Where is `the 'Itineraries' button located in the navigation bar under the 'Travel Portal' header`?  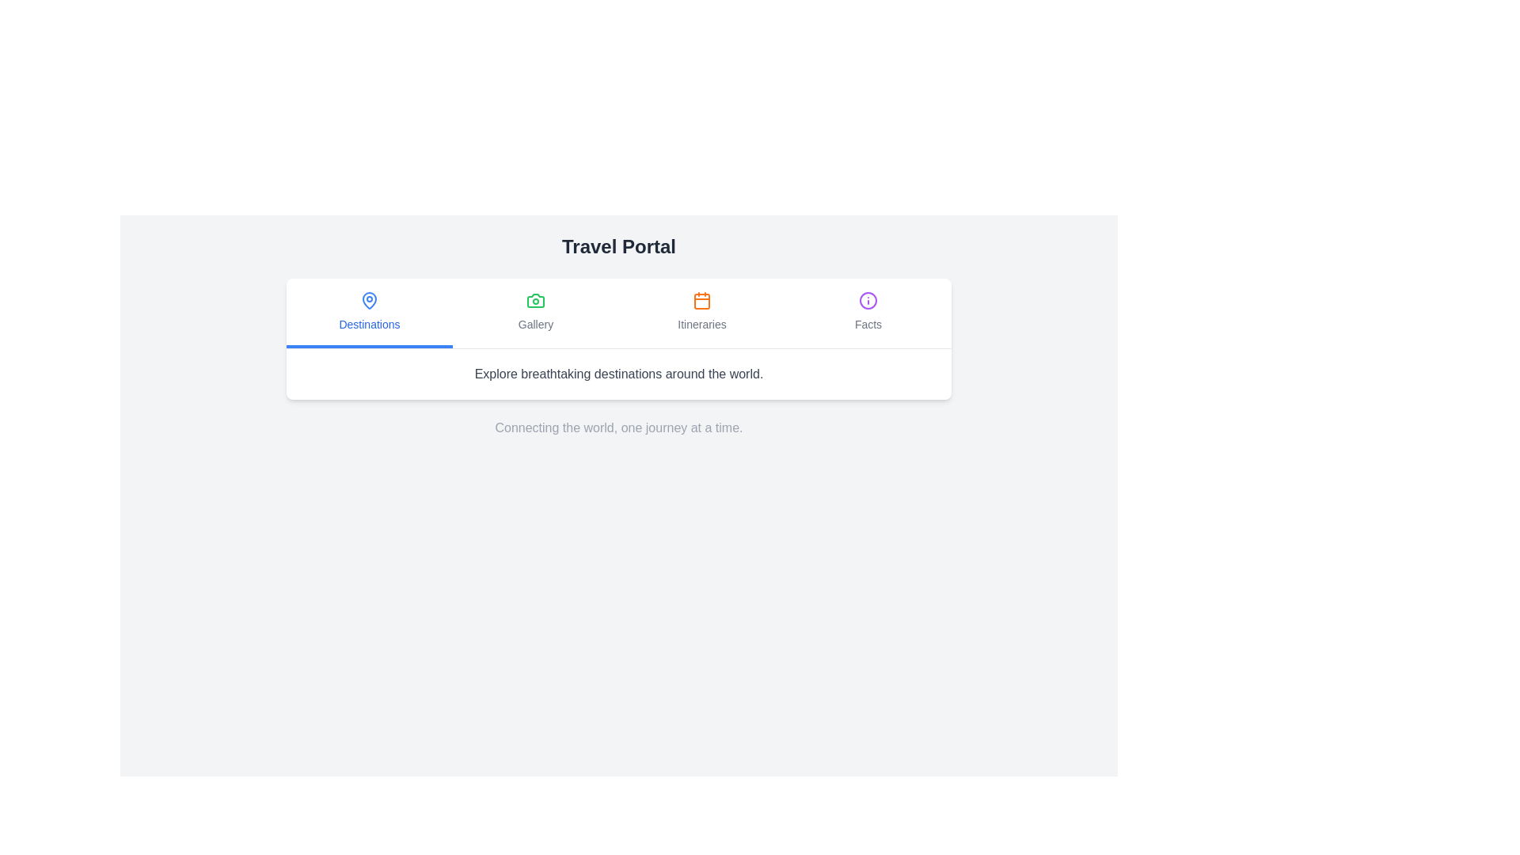
the 'Itineraries' button located in the navigation bar under the 'Travel Portal' header is located at coordinates (701, 311).